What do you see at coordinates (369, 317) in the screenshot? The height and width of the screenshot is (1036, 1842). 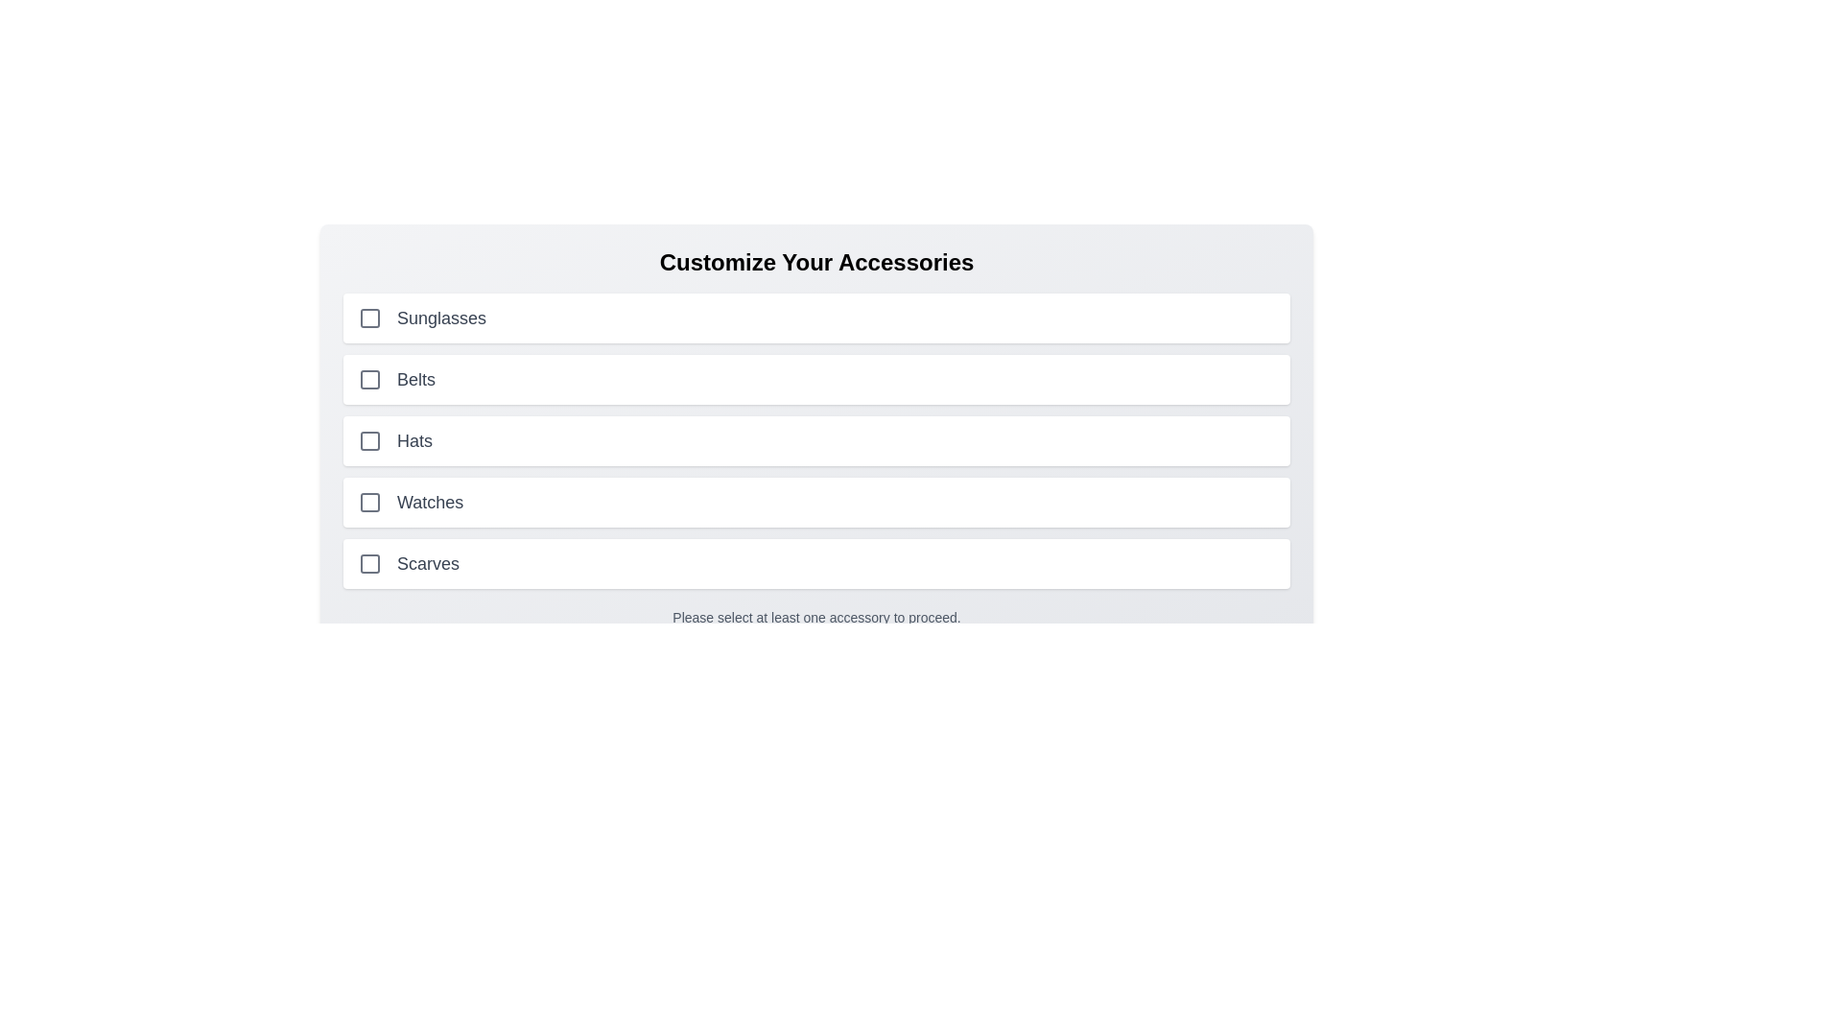 I see `the Checkbox element located to the left of the 'Sunglasses' label` at bounding box center [369, 317].